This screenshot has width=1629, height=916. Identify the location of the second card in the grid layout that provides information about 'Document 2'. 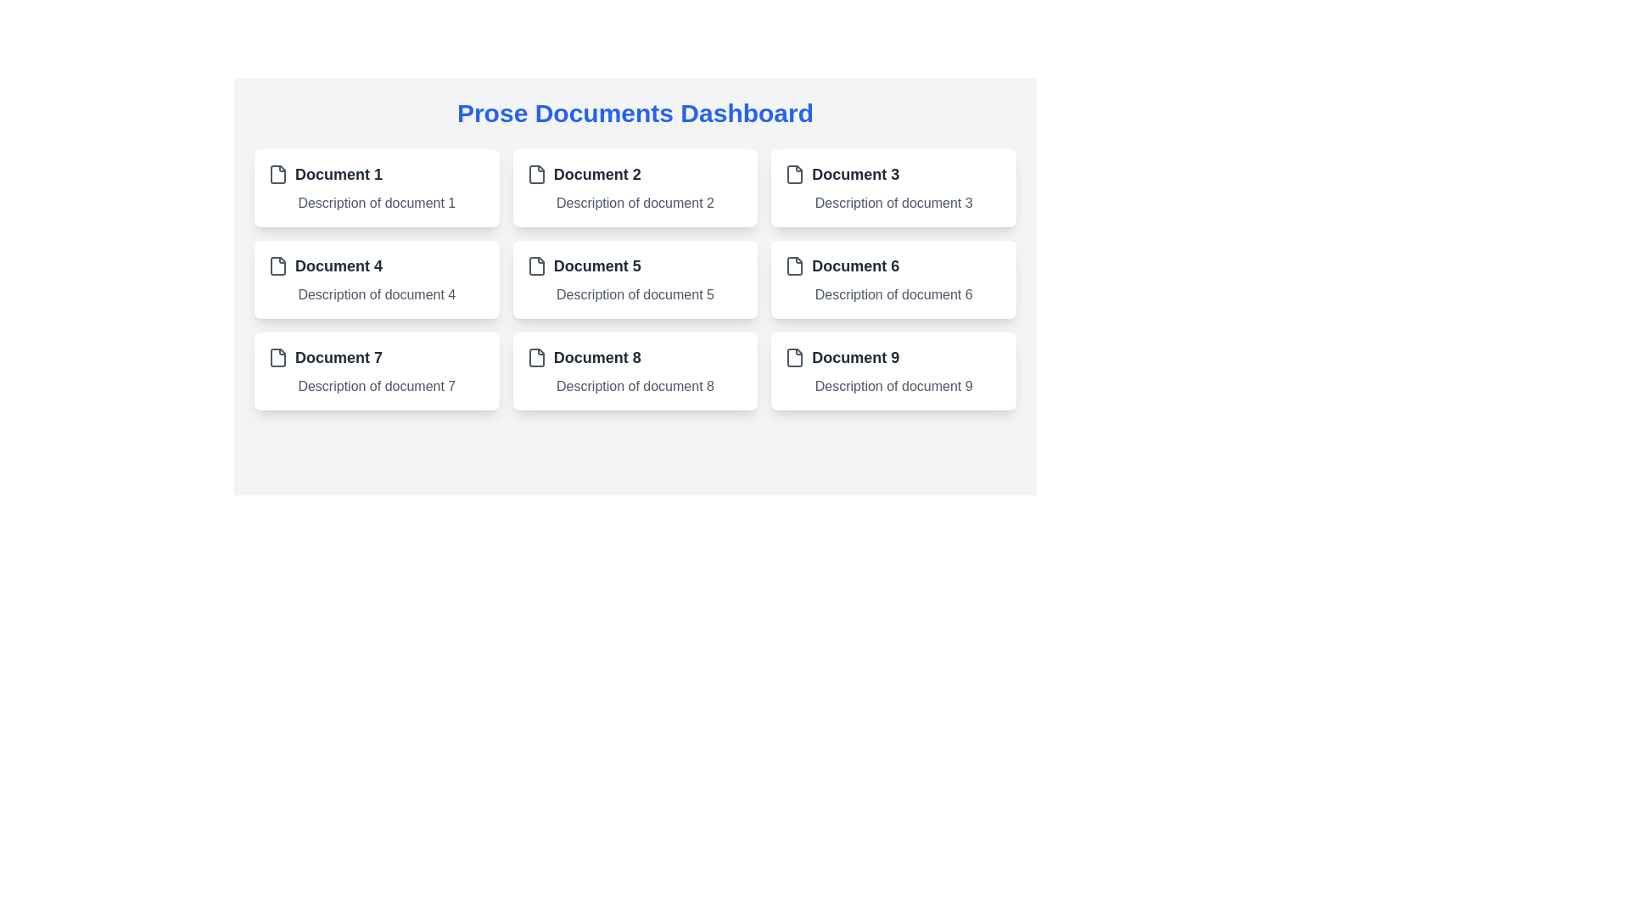
(634, 188).